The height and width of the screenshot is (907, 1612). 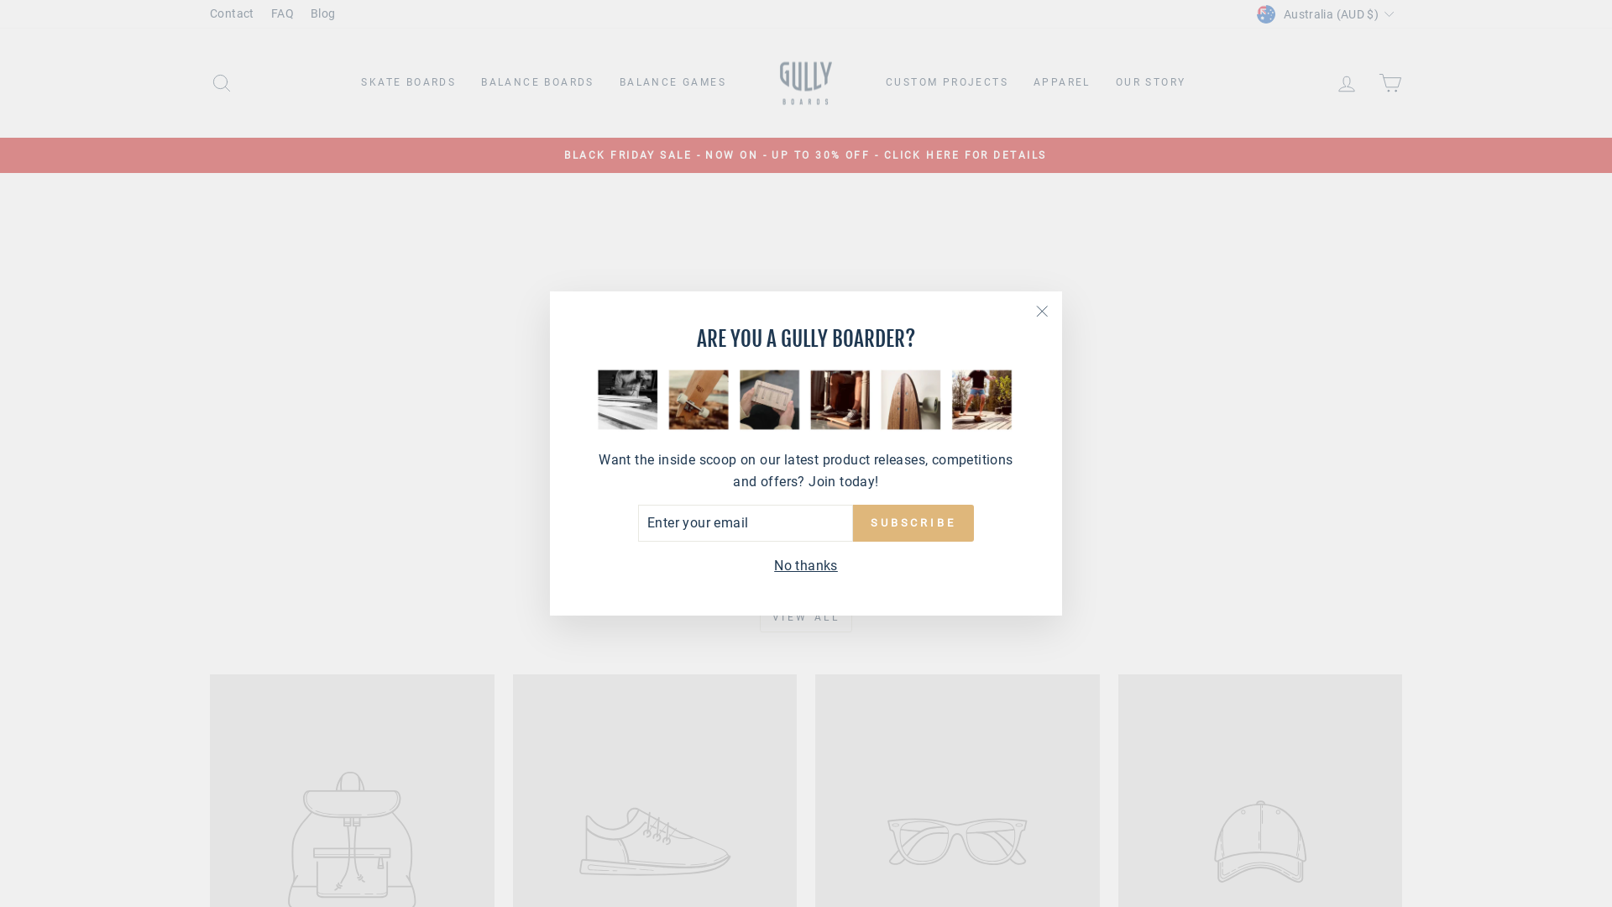 I want to click on 'CART', so click(x=1390, y=82).